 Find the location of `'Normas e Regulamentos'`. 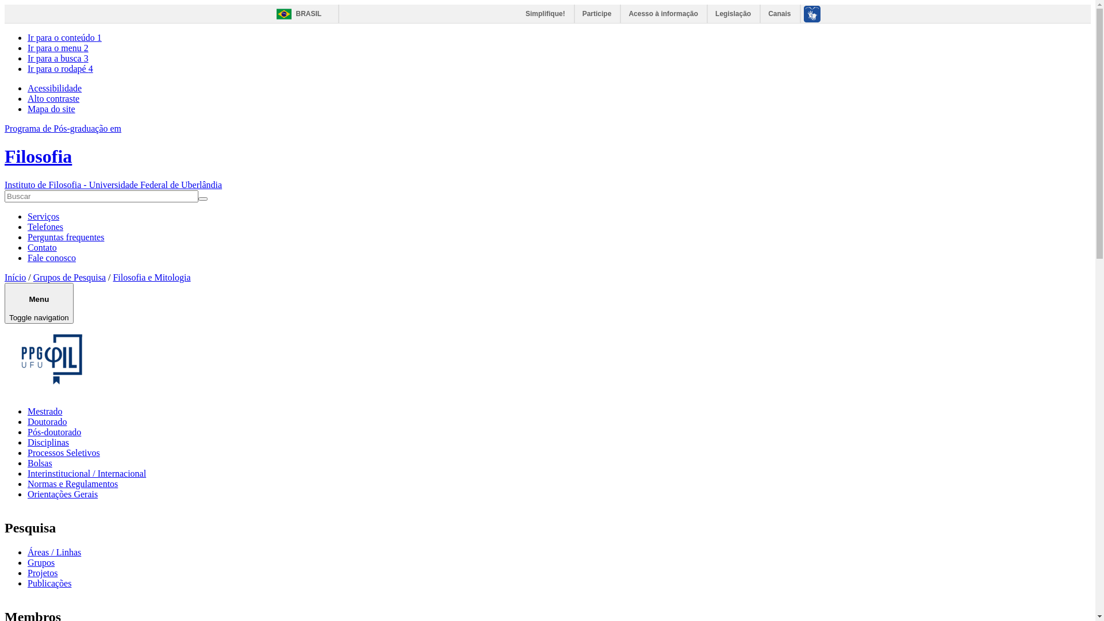

'Normas e Regulamentos' is located at coordinates (72, 484).